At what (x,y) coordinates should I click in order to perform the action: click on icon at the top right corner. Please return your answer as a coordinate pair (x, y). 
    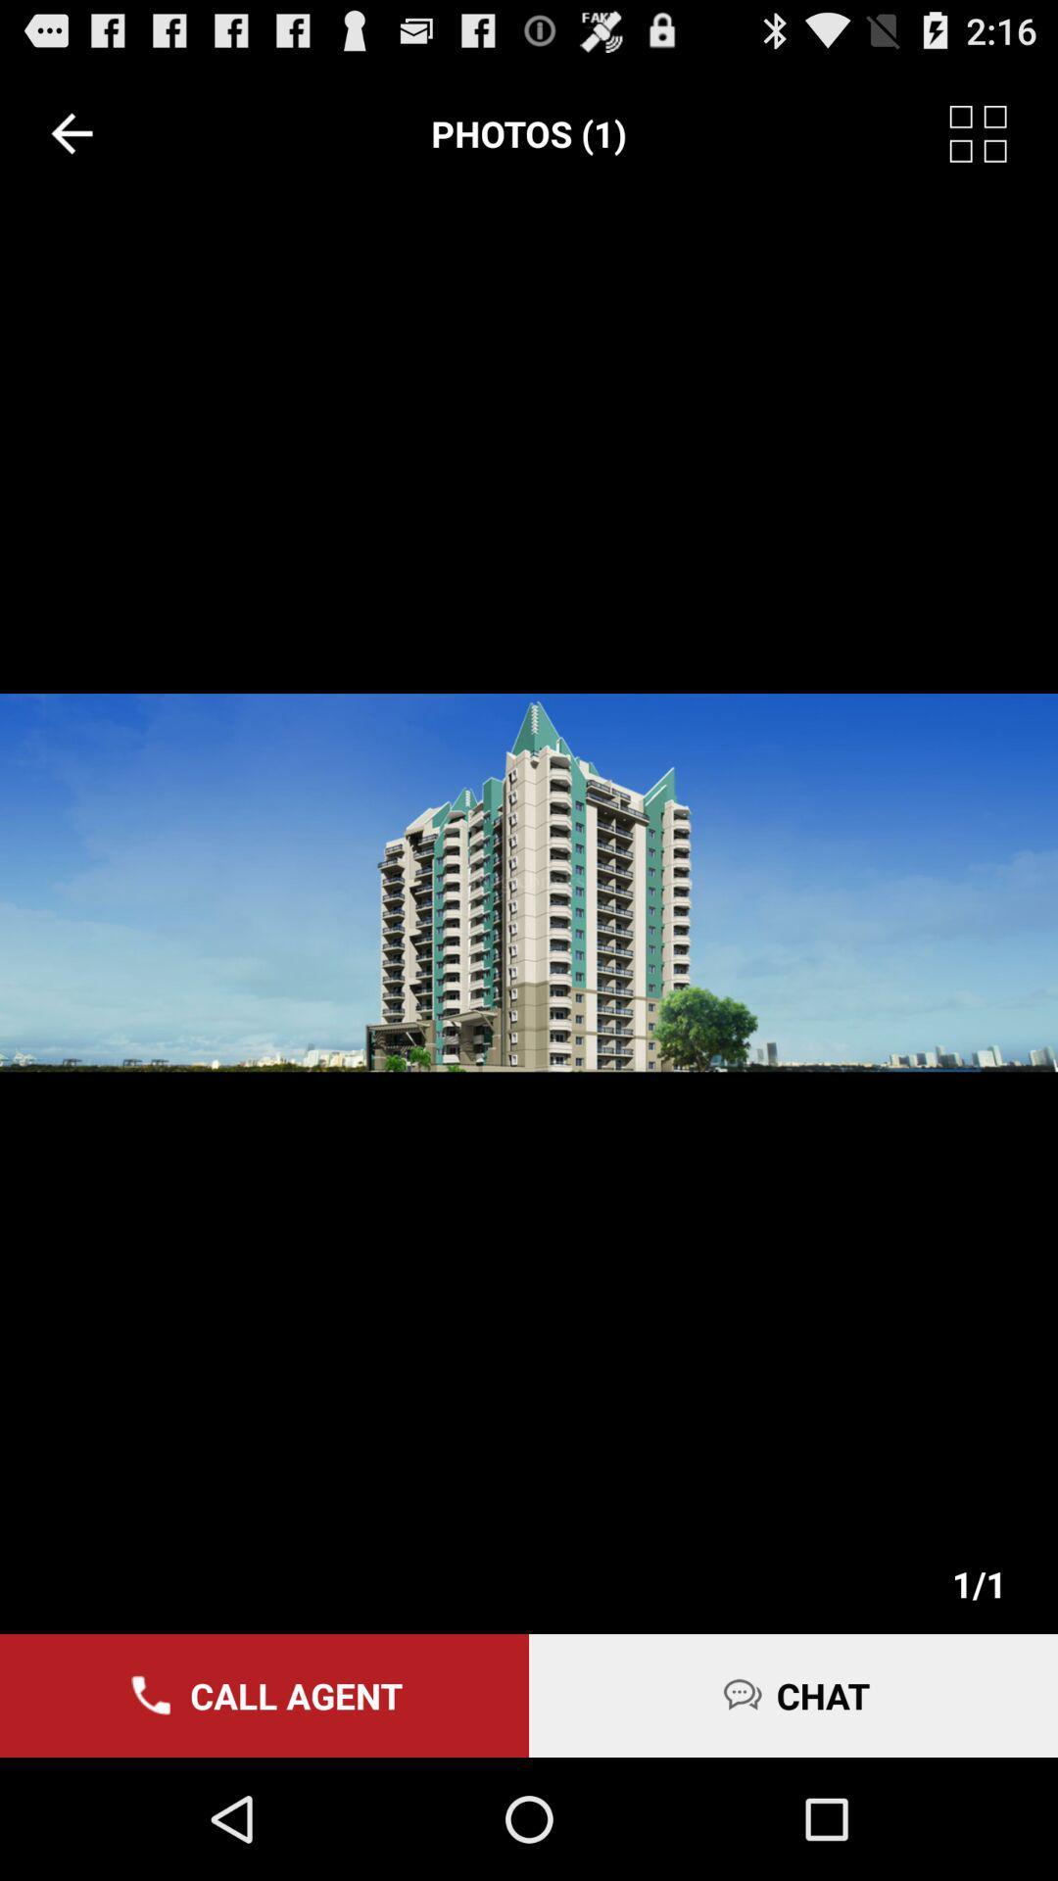
    Looking at the image, I should click on (1003, 132).